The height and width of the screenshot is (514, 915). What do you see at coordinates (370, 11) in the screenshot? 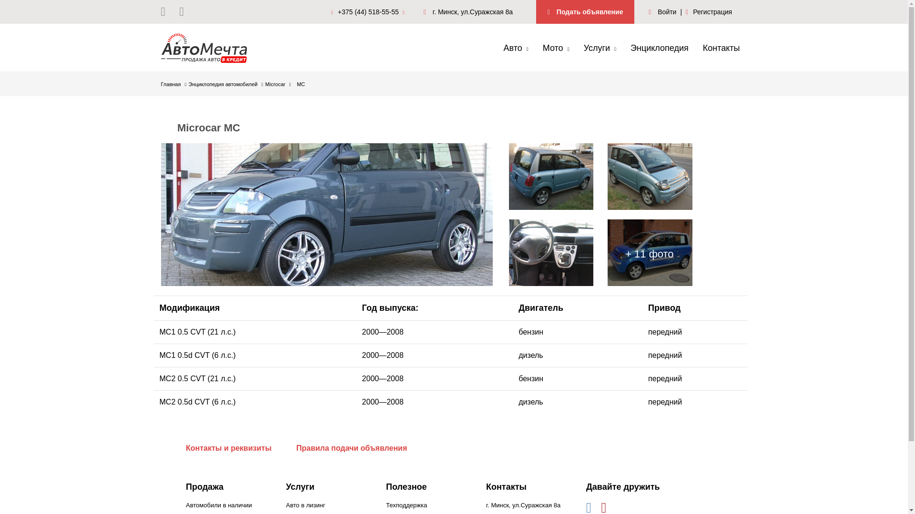
I see `'+375 (44) 518-55-55'` at bounding box center [370, 11].